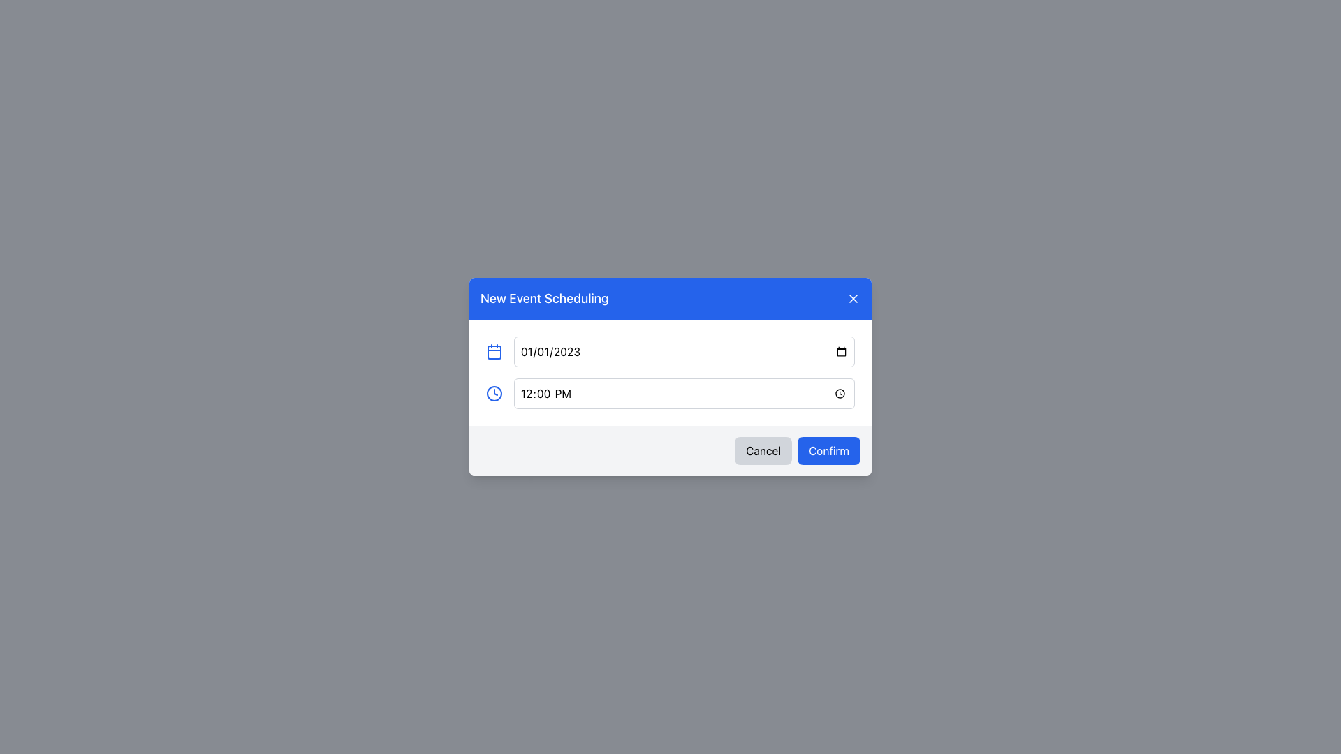  I want to click on the SVG Circle that serves as the visual boundary for the clock icon adjacent to the '12:00 PM' time input field, so click(494, 393).